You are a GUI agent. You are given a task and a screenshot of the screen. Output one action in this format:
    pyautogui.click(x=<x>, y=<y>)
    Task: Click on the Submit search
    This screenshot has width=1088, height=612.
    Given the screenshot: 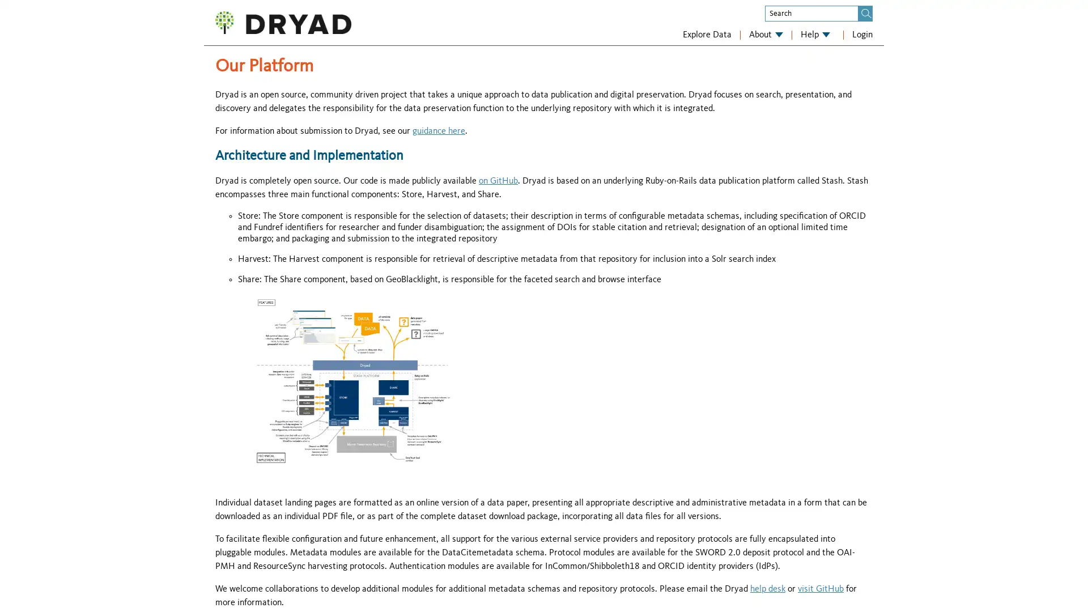 What is the action you would take?
    pyautogui.click(x=865, y=13)
    